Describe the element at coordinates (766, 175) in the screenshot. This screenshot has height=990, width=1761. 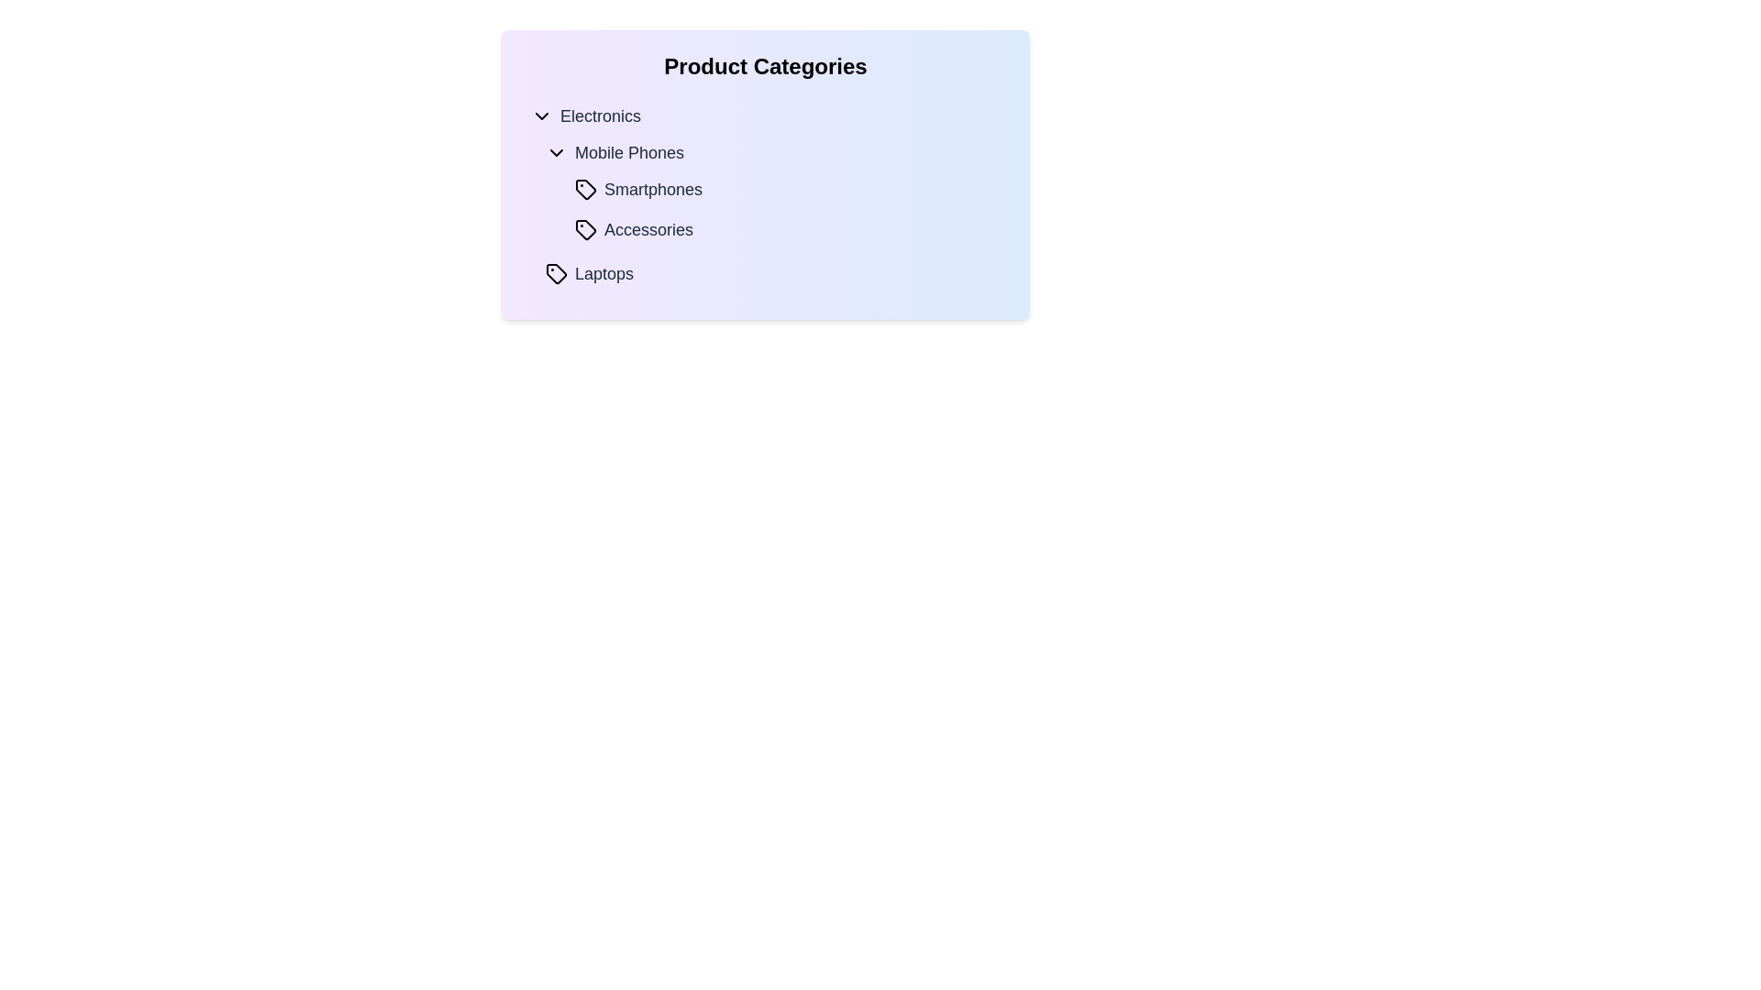
I see `a subcategory item within the 'Product Categories' menu component that is visually represented by a gradient background and includes category names like 'Electronics'` at that location.